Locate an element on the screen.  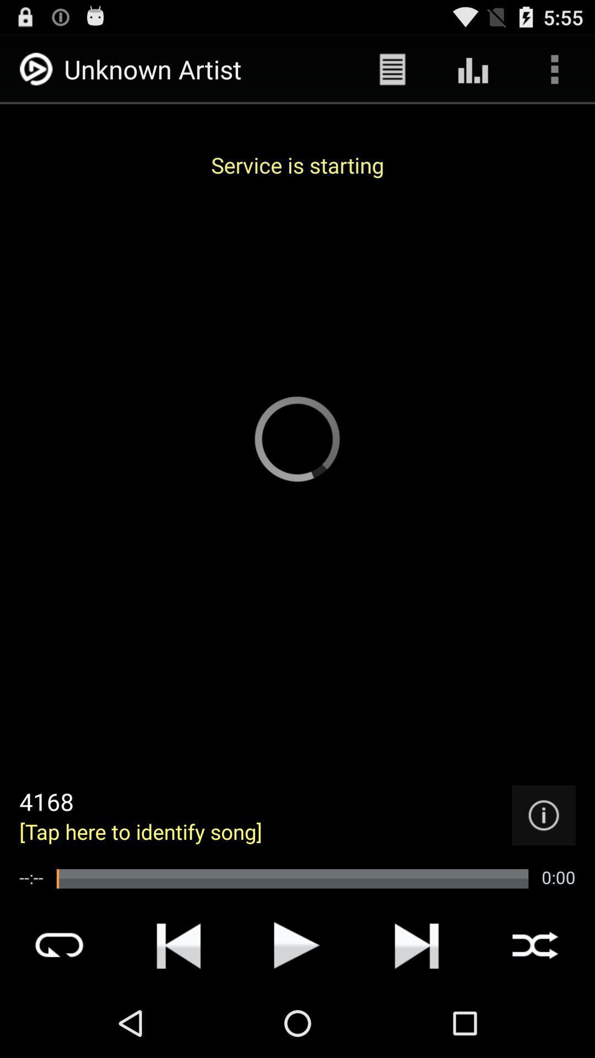
play and pause option is located at coordinates (296, 944).